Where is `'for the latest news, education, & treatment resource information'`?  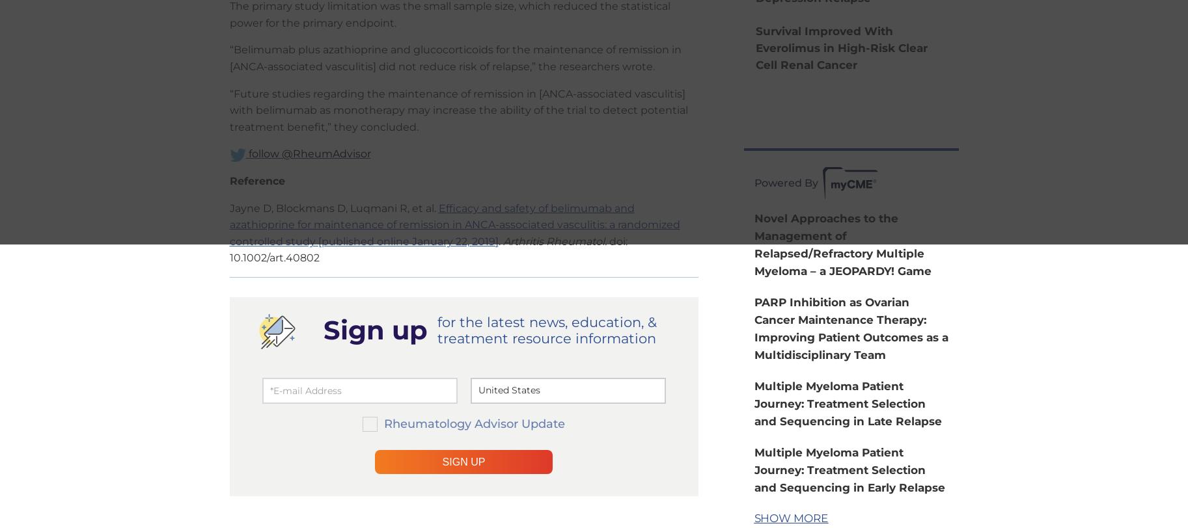
'for the latest news, education, & treatment resource information' is located at coordinates (546, 330).